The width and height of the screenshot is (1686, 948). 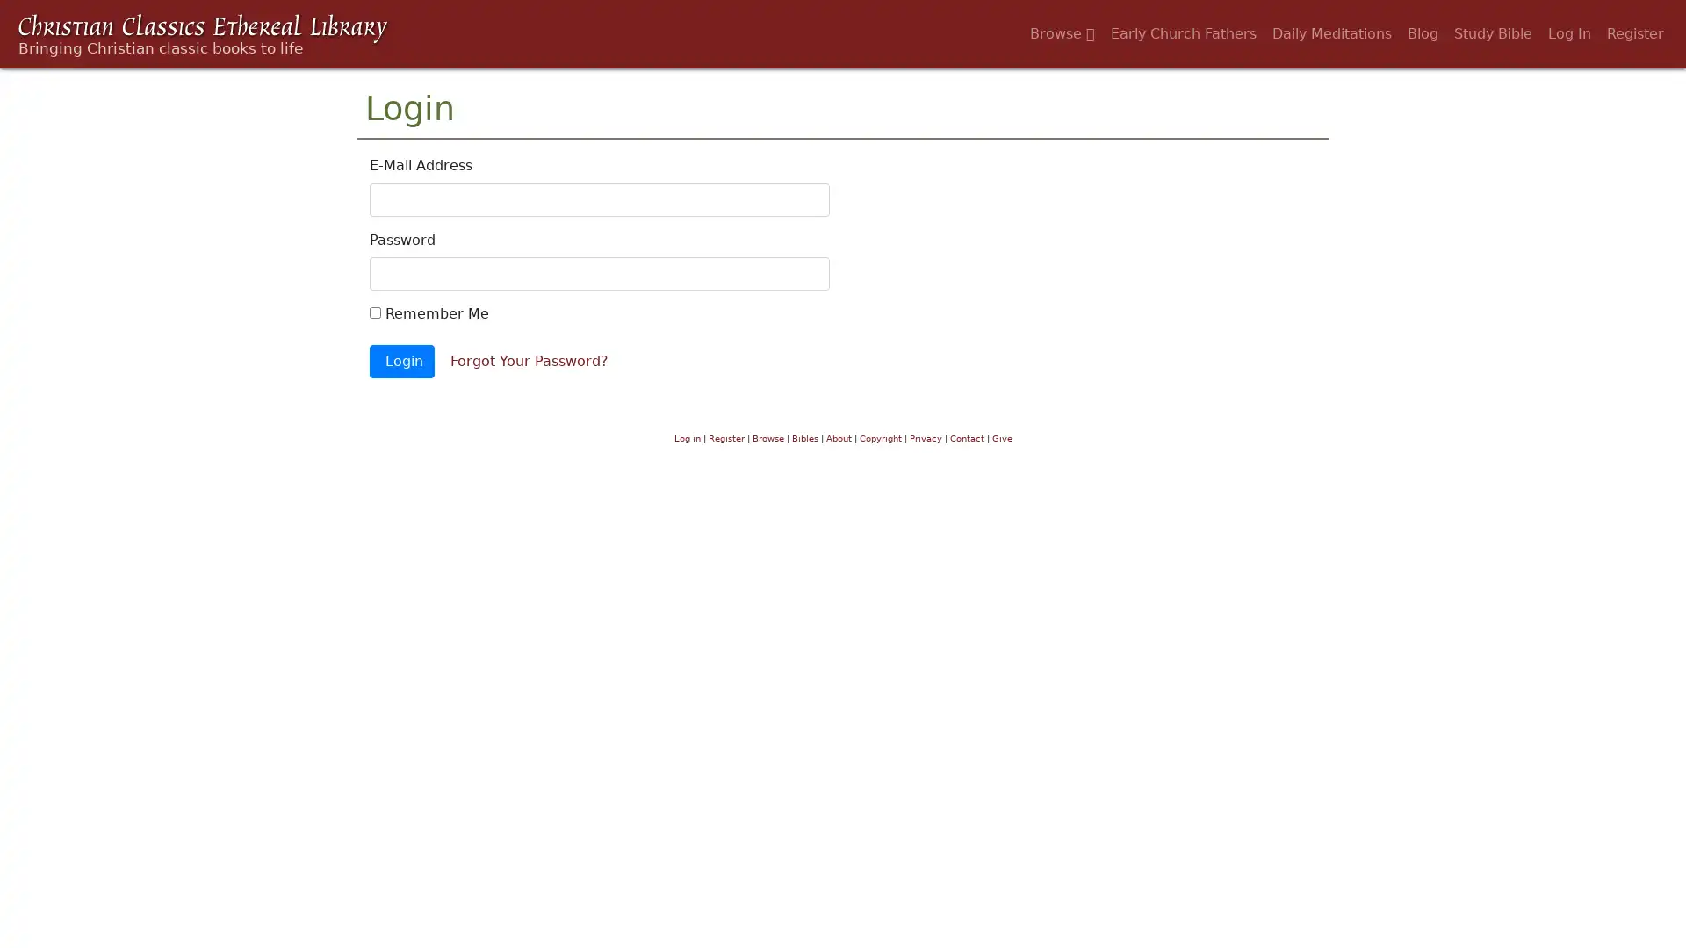 What do you see at coordinates (400, 361) in the screenshot?
I see `Login` at bounding box center [400, 361].